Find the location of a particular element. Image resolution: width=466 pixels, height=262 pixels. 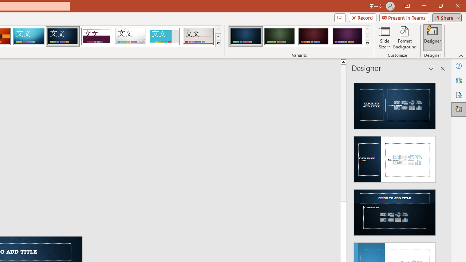

'Themes' is located at coordinates (218, 44).